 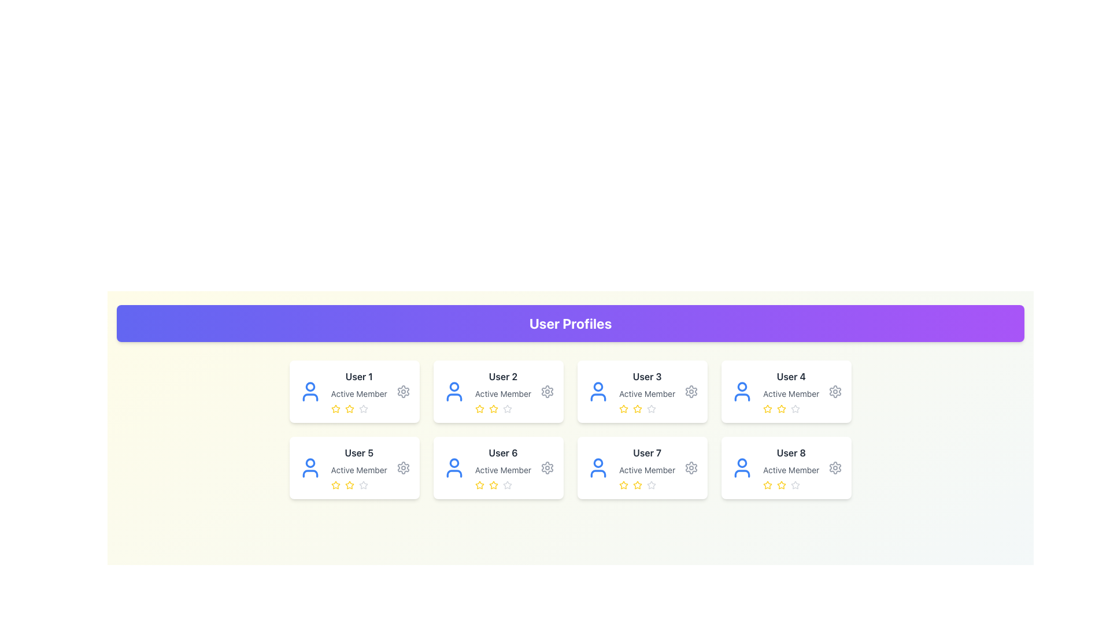 I want to click on the Text label indicating the status 'Active Member', which is positioned below 'User 8' and above the star rating icons, so click(x=790, y=470).